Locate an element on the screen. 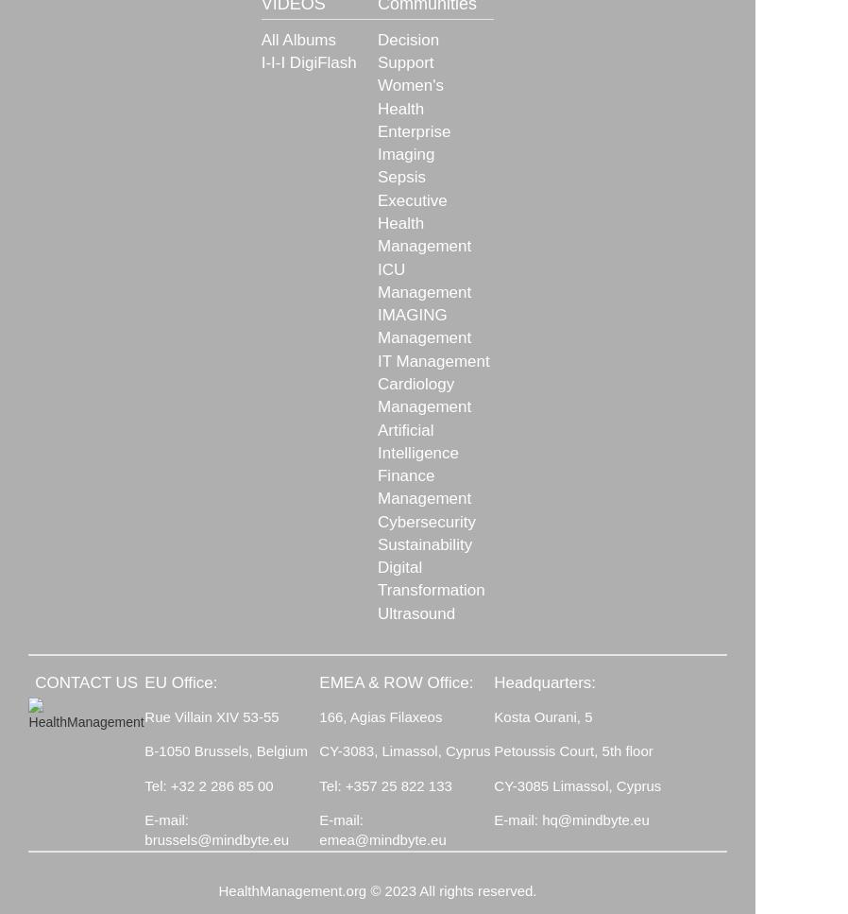 The height and width of the screenshot is (914, 848). 'B-1050 Brussels, Belgium' is located at coordinates (225, 750).